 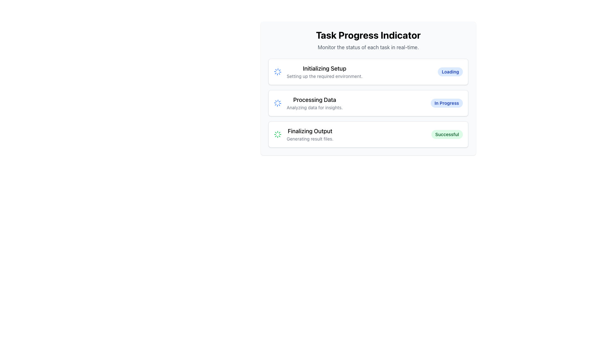 What do you see at coordinates (310, 139) in the screenshot?
I see `text content of the status description label located under the 'Finalizing Output' section, which indicates the task of generating result files` at bounding box center [310, 139].